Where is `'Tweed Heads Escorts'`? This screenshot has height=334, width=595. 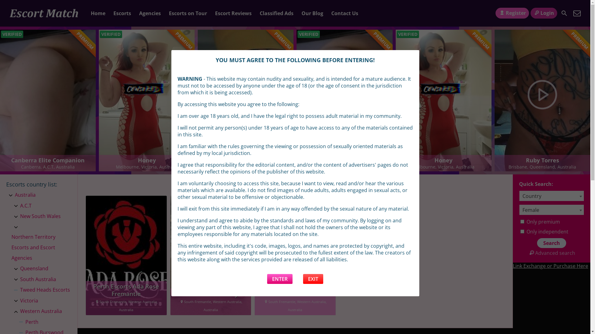 'Tweed Heads Escorts' is located at coordinates (45, 290).